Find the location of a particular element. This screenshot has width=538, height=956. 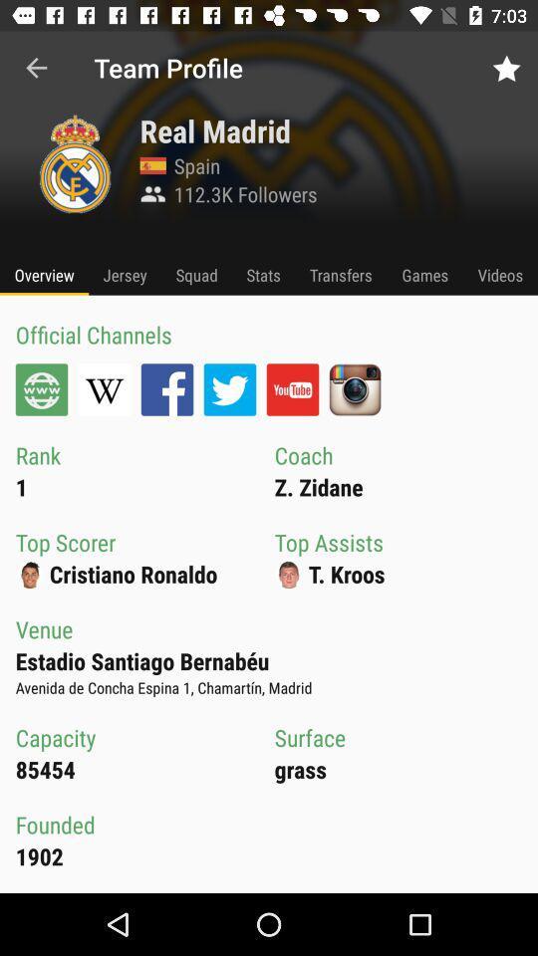

to wikipedia option is located at coordinates (104, 388).